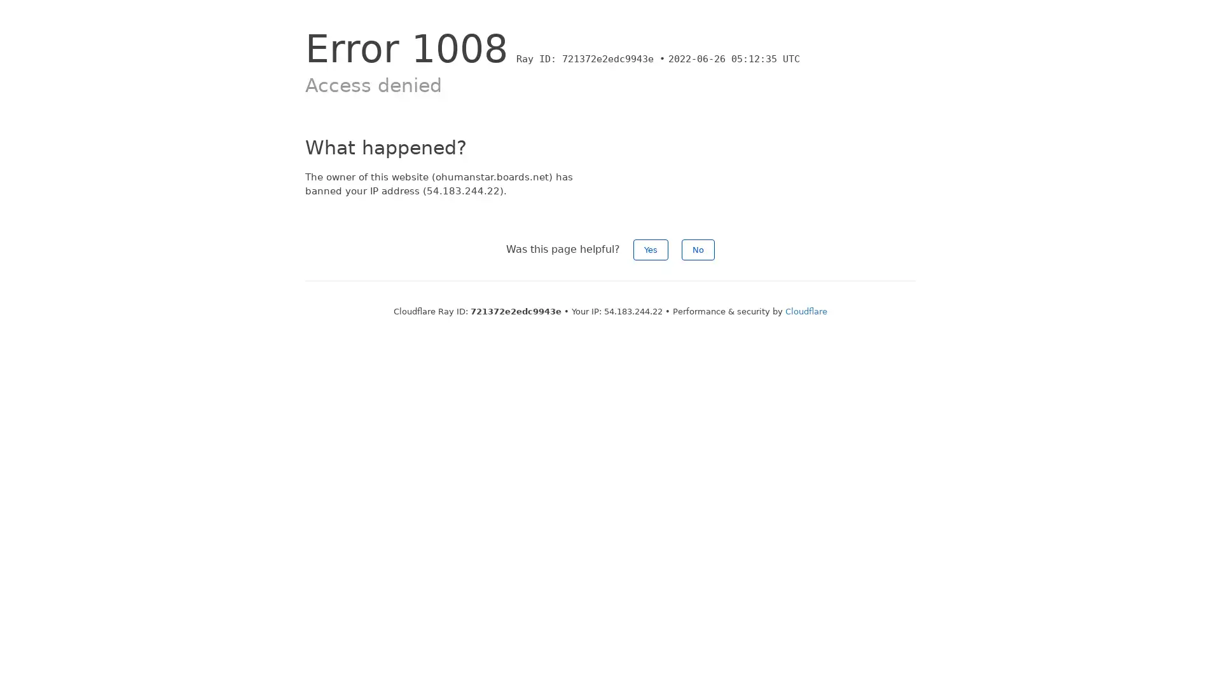  I want to click on No, so click(698, 249).